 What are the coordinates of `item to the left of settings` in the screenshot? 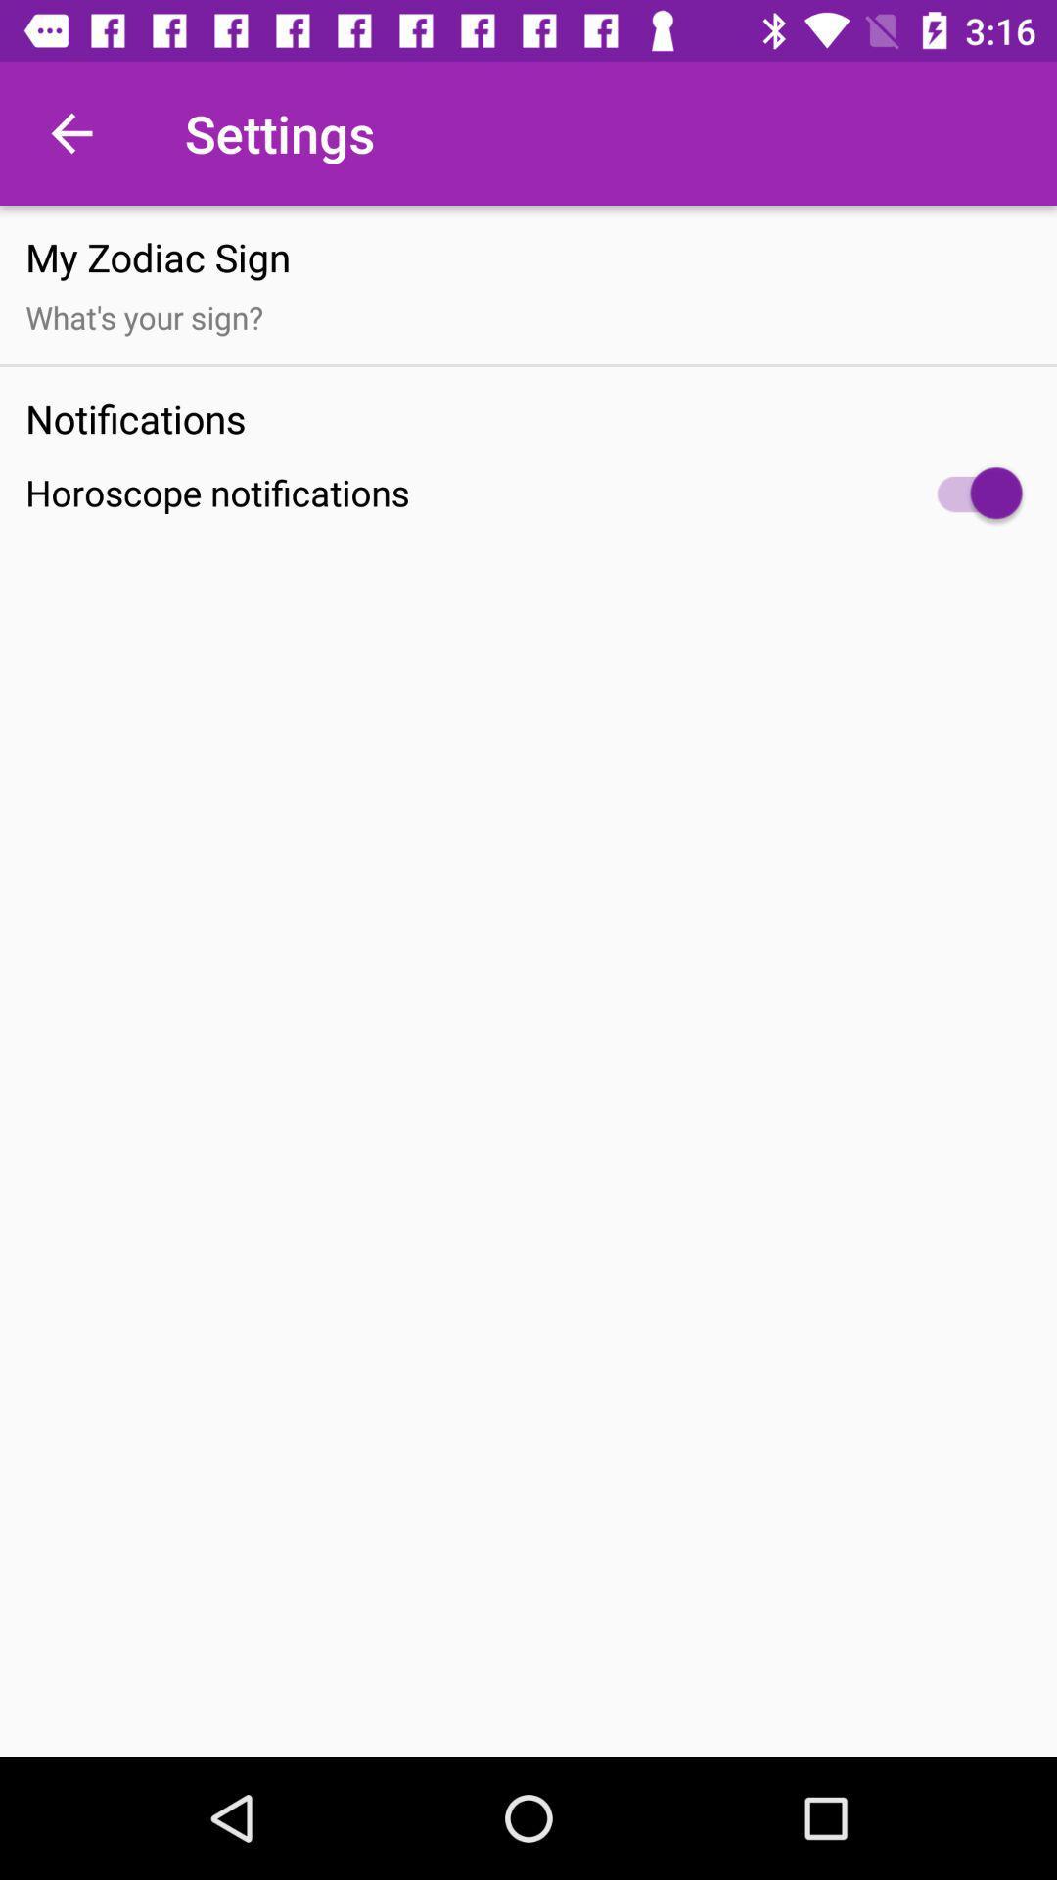 It's located at (70, 132).